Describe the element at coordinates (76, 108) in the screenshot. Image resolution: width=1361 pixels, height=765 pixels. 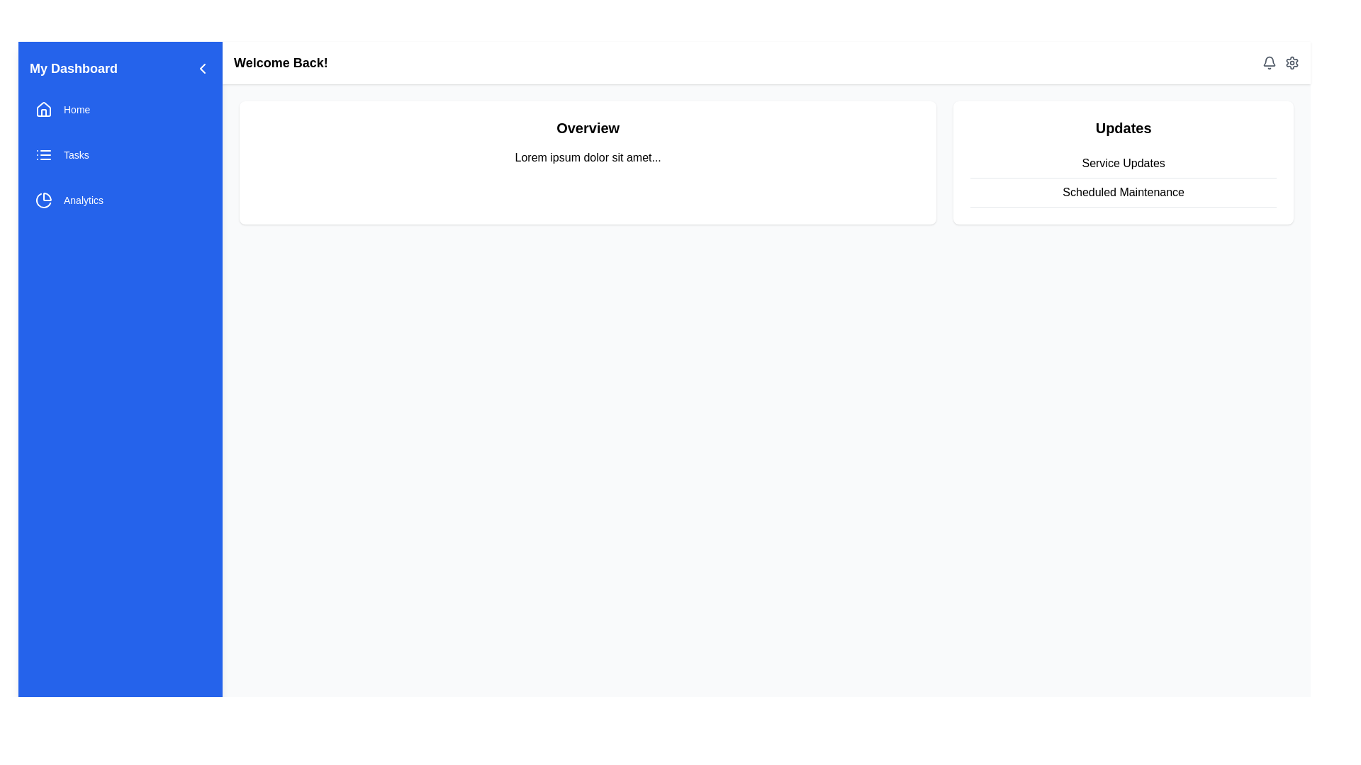
I see `the 'Home' text label in the vertical navigation menu` at that location.